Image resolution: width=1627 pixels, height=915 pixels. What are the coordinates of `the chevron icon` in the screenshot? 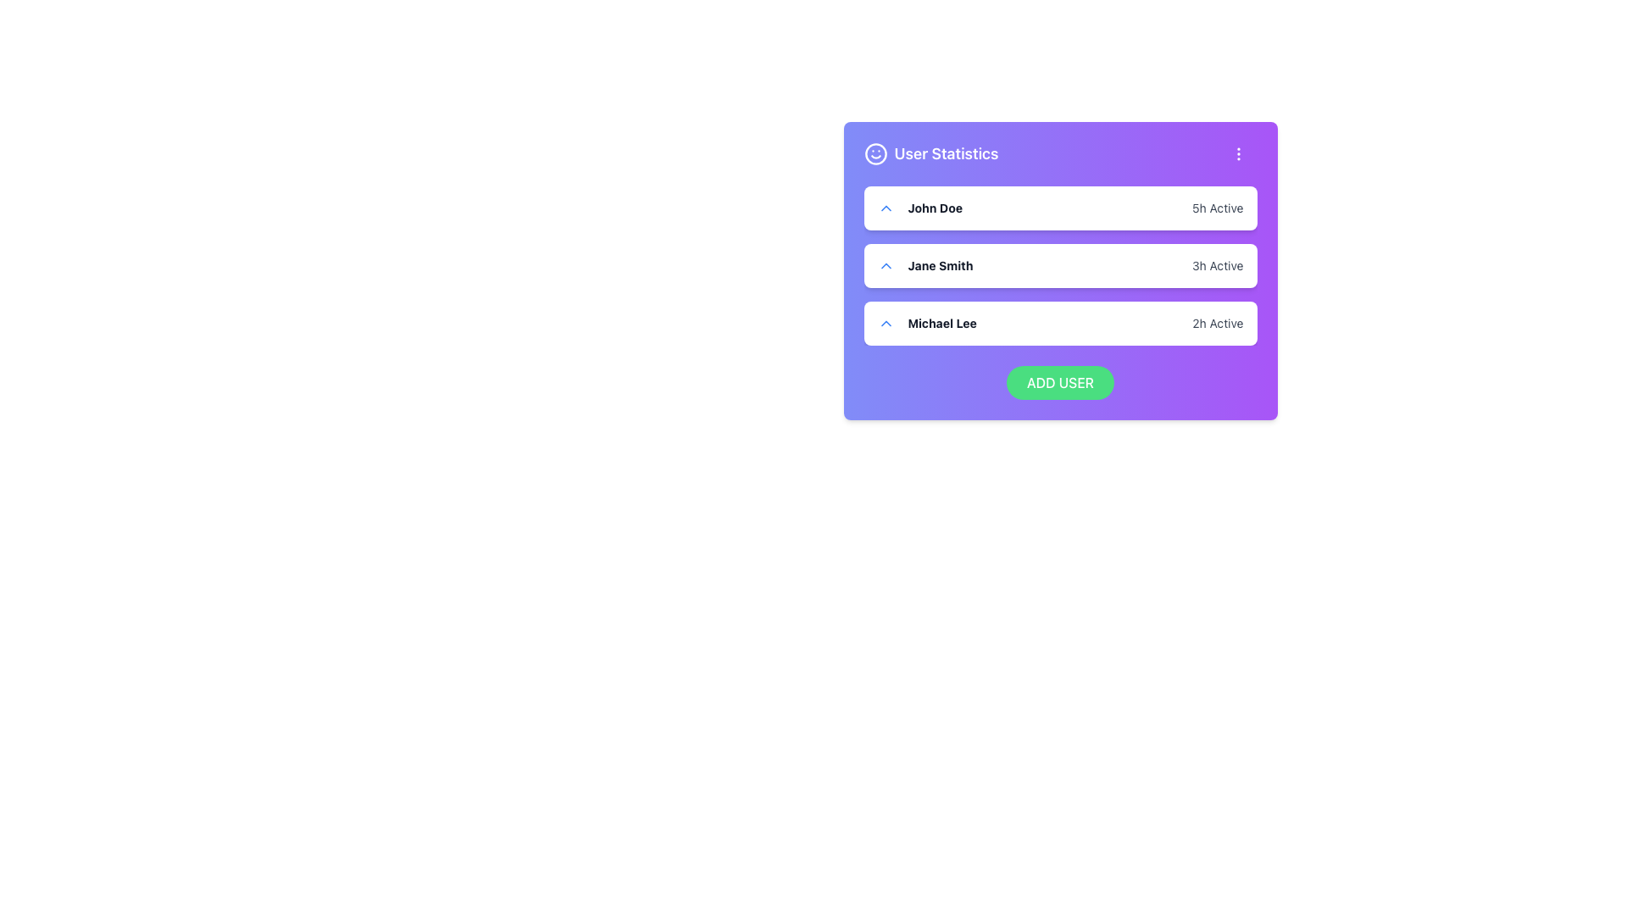 It's located at (885, 265).